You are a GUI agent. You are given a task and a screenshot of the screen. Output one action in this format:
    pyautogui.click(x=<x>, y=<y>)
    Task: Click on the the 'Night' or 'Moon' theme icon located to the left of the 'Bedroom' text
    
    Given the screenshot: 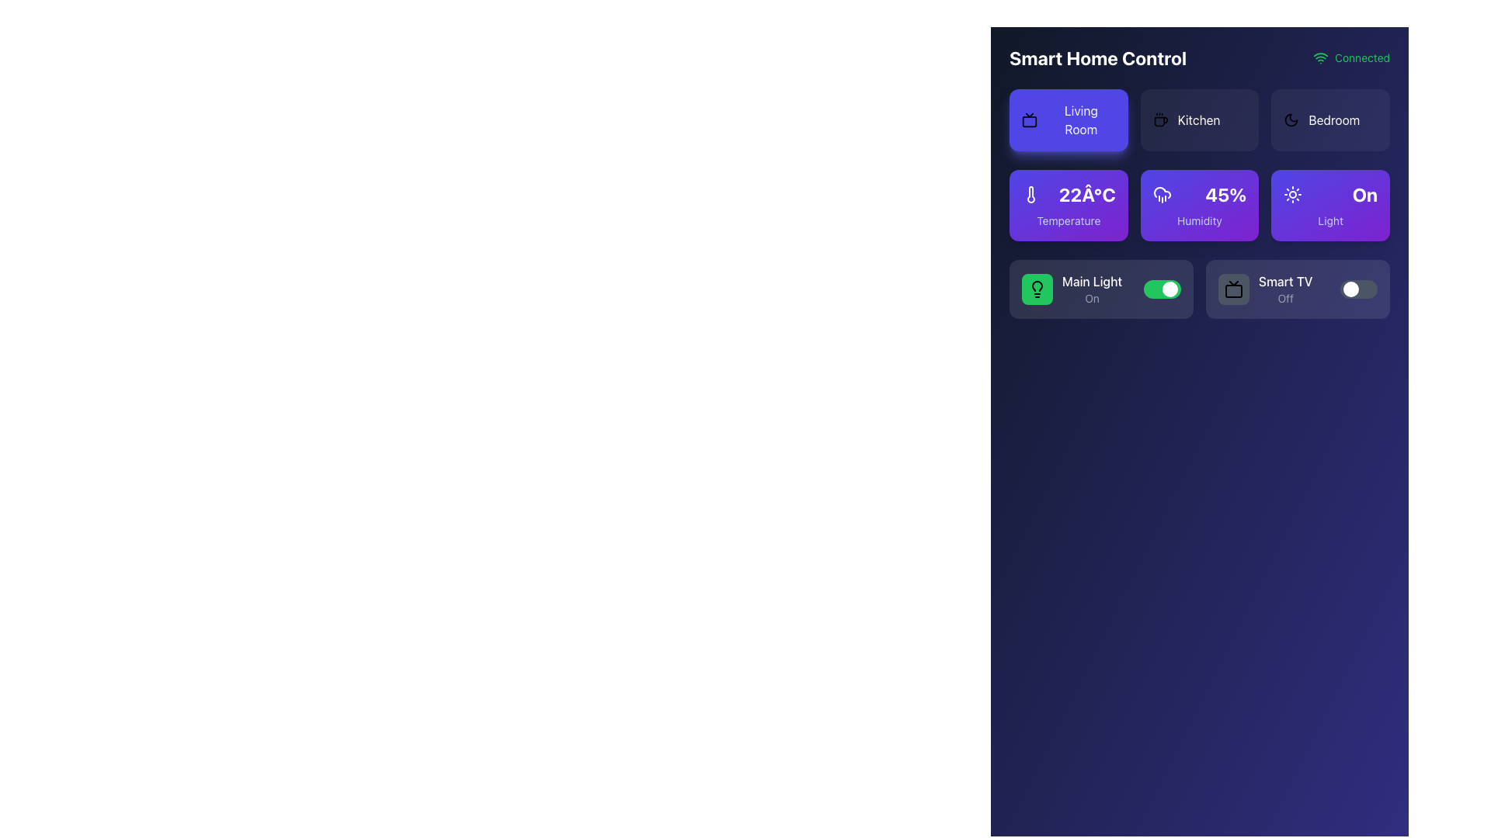 What is the action you would take?
    pyautogui.click(x=1291, y=119)
    